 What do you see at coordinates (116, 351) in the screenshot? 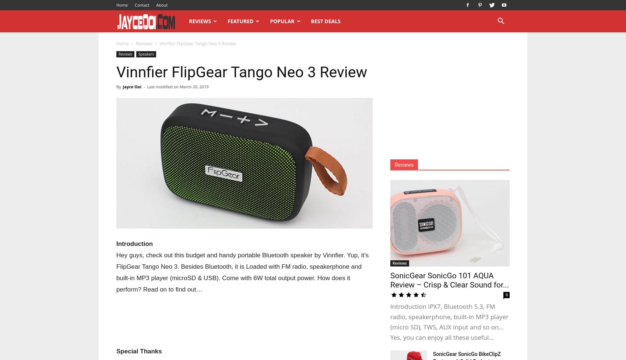
I see `'Special Thanks'` at bounding box center [116, 351].